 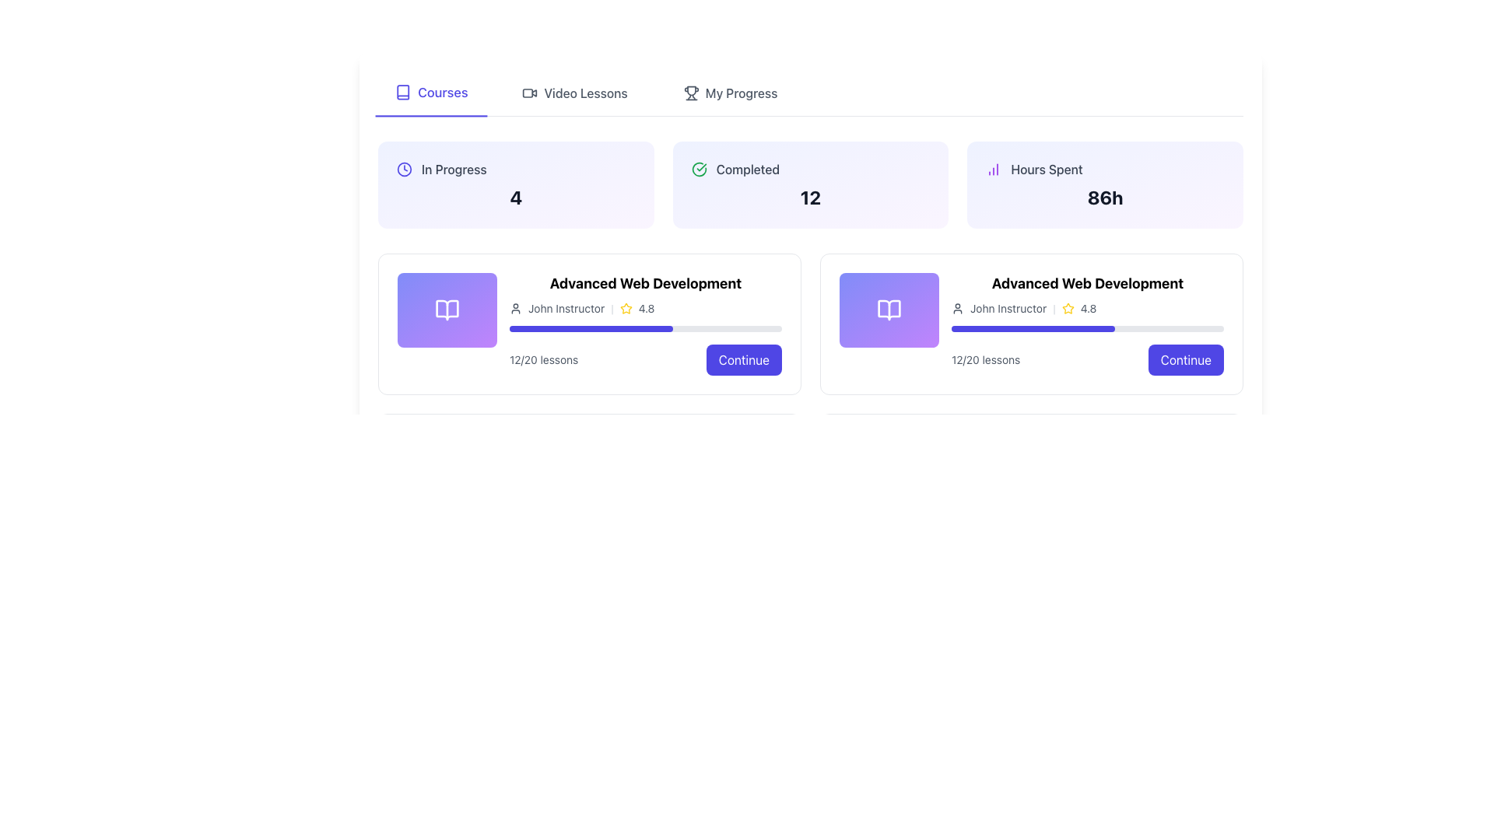 I want to click on the rating icon located on the right-hand side of the instructor's name and the rating number (4.8) within the course card for 'Advanced Web Development', so click(x=626, y=308).